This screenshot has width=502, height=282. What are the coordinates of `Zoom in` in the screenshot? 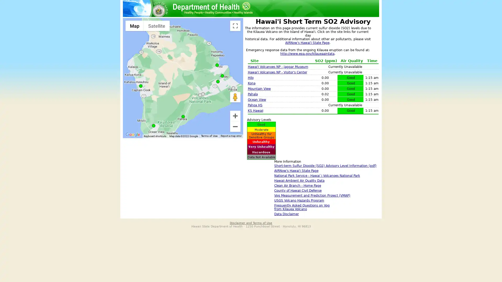 It's located at (235, 115).